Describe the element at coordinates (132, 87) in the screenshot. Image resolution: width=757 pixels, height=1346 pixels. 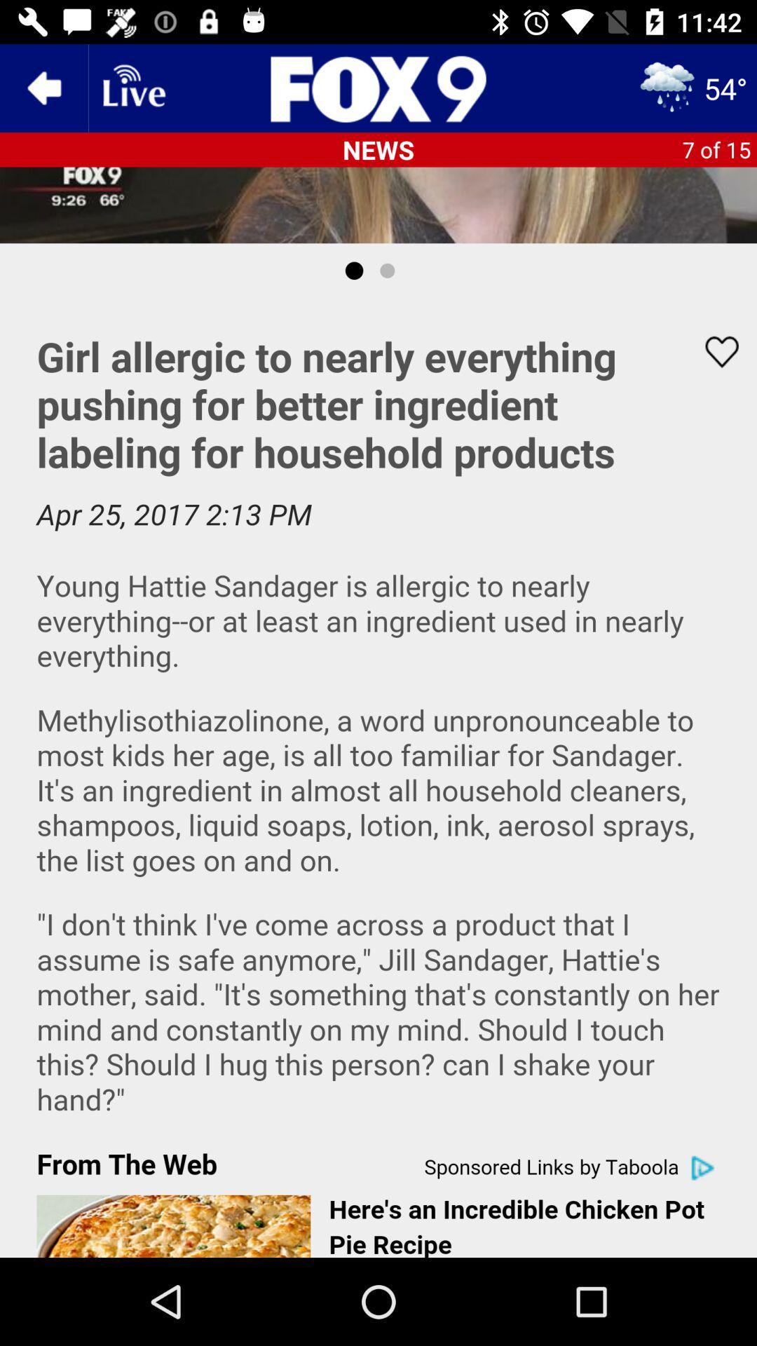
I see `fox9 news app live status` at that location.